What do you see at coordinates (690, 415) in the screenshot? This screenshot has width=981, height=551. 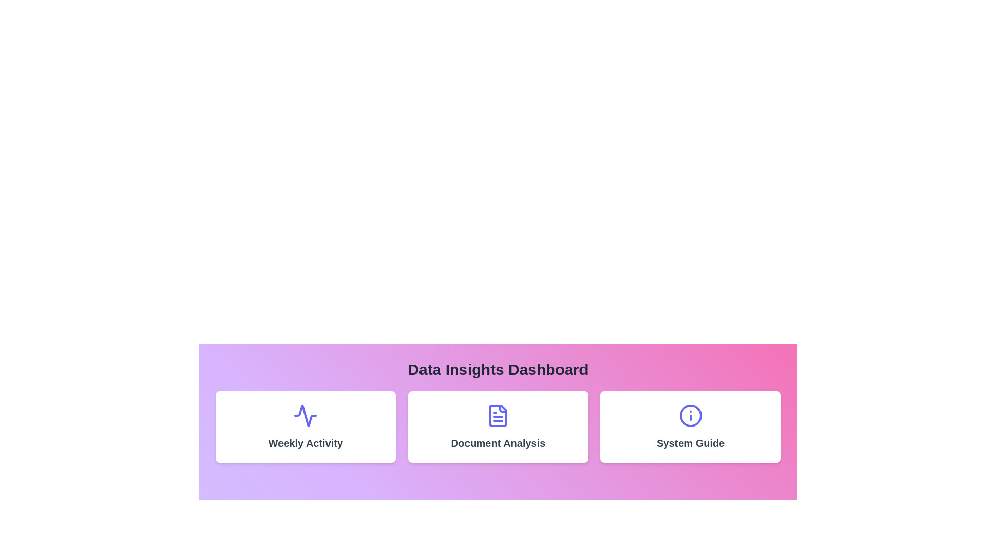 I see `the informational icon located at the bottom right of the 'System Guide' card, which provides guidance or help resources` at bounding box center [690, 415].